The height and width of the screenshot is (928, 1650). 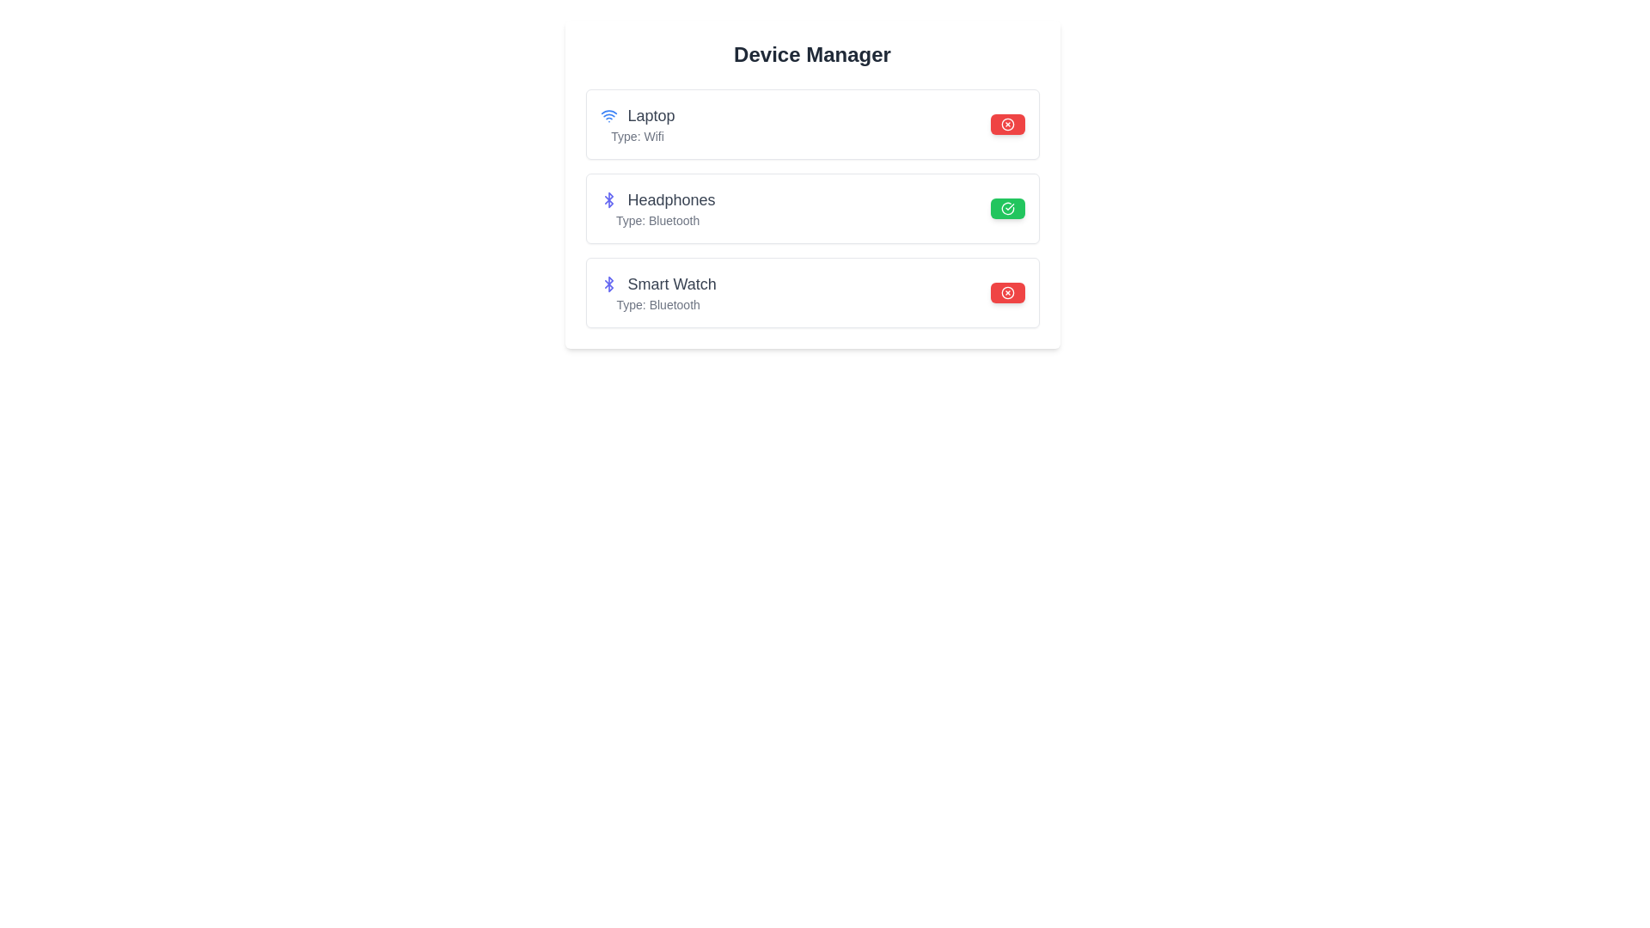 I want to click on the indigo Bluetooth icon located left of the 'Headphones' text in the second row under the 'Device Manager' heading, so click(x=608, y=198).